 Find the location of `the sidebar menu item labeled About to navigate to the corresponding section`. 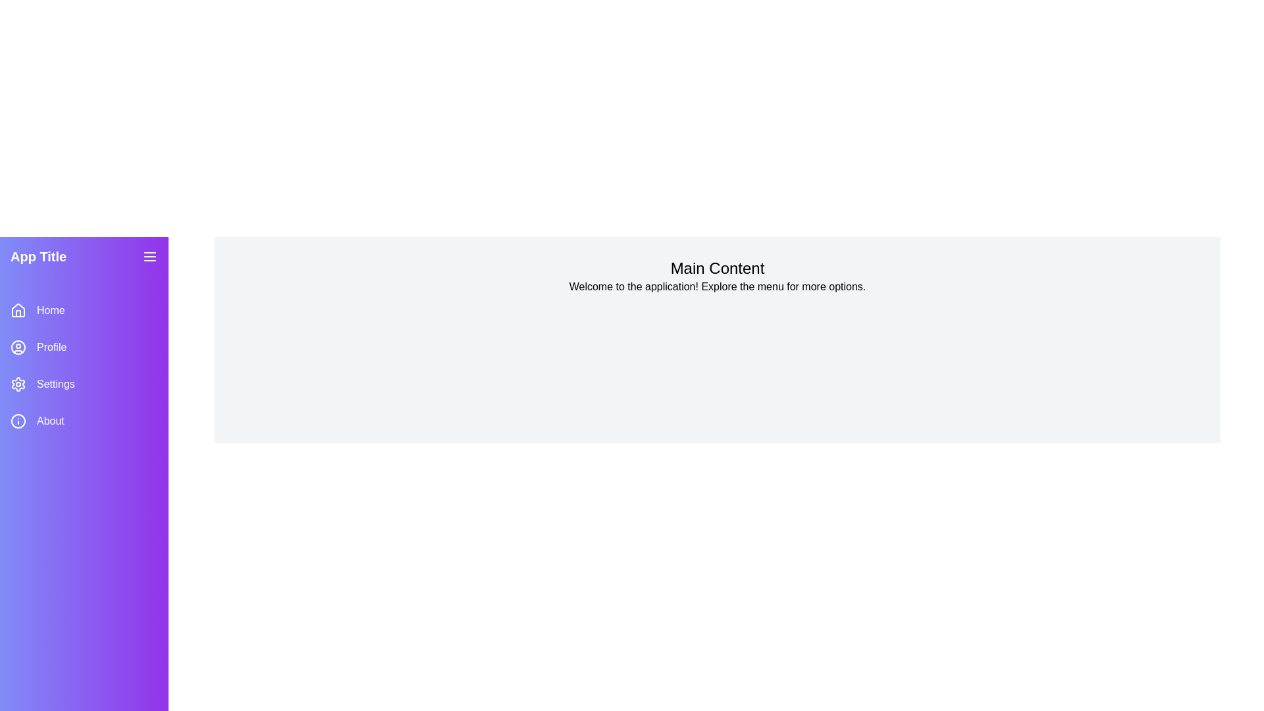

the sidebar menu item labeled About to navigate to the corresponding section is located at coordinates (84, 421).